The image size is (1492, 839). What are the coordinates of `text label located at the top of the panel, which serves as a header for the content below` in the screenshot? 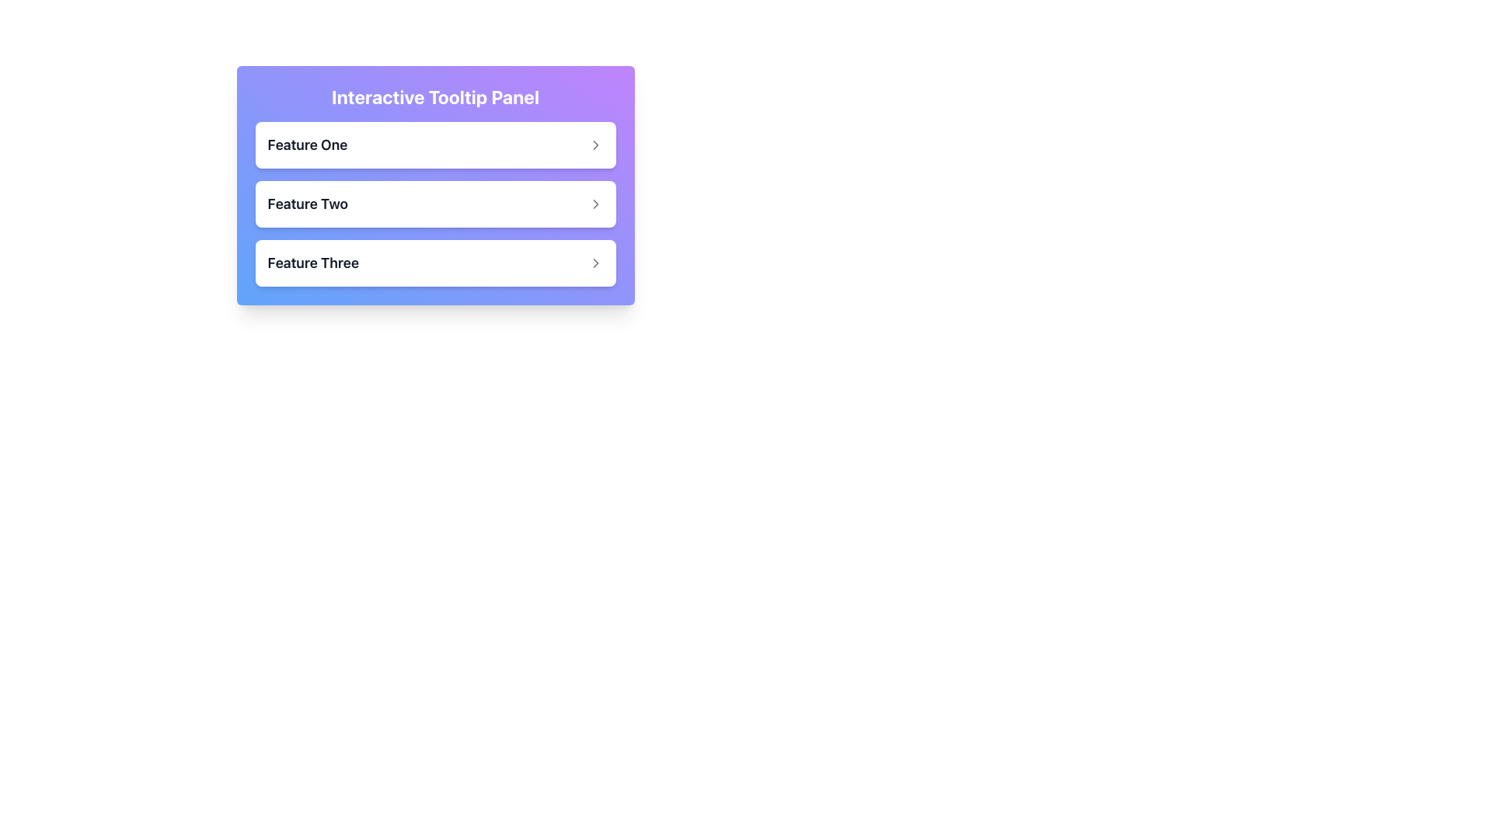 It's located at (435, 96).